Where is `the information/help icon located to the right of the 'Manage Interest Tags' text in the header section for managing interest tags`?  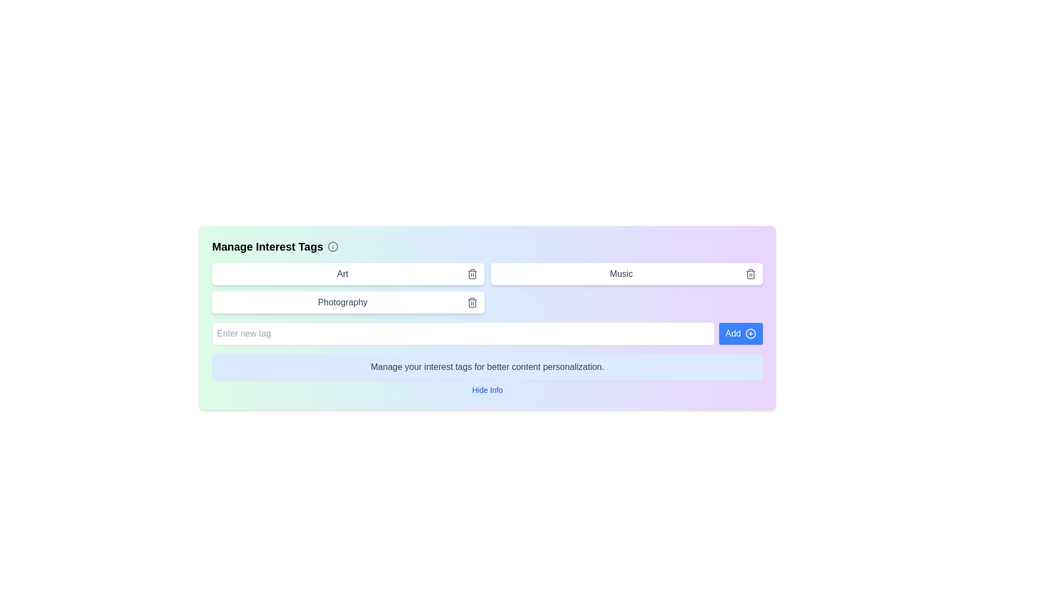 the information/help icon located to the right of the 'Manage Interest Tags' text in the header section for managing interest tags is located at coordinates (332, 247).